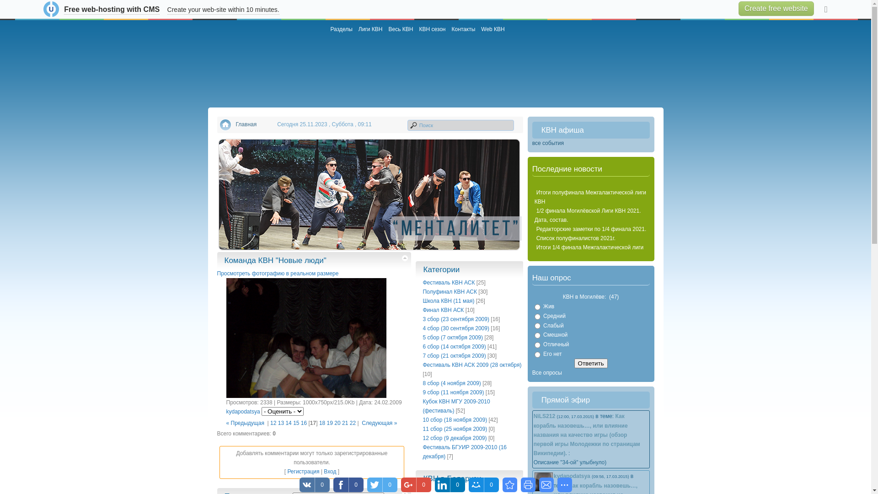 The height and width of the screenshot is (494, 878). What do you see at coordinates (352, 423) in the screenshot?
I see `'22'` at bounding box center [352, 423].